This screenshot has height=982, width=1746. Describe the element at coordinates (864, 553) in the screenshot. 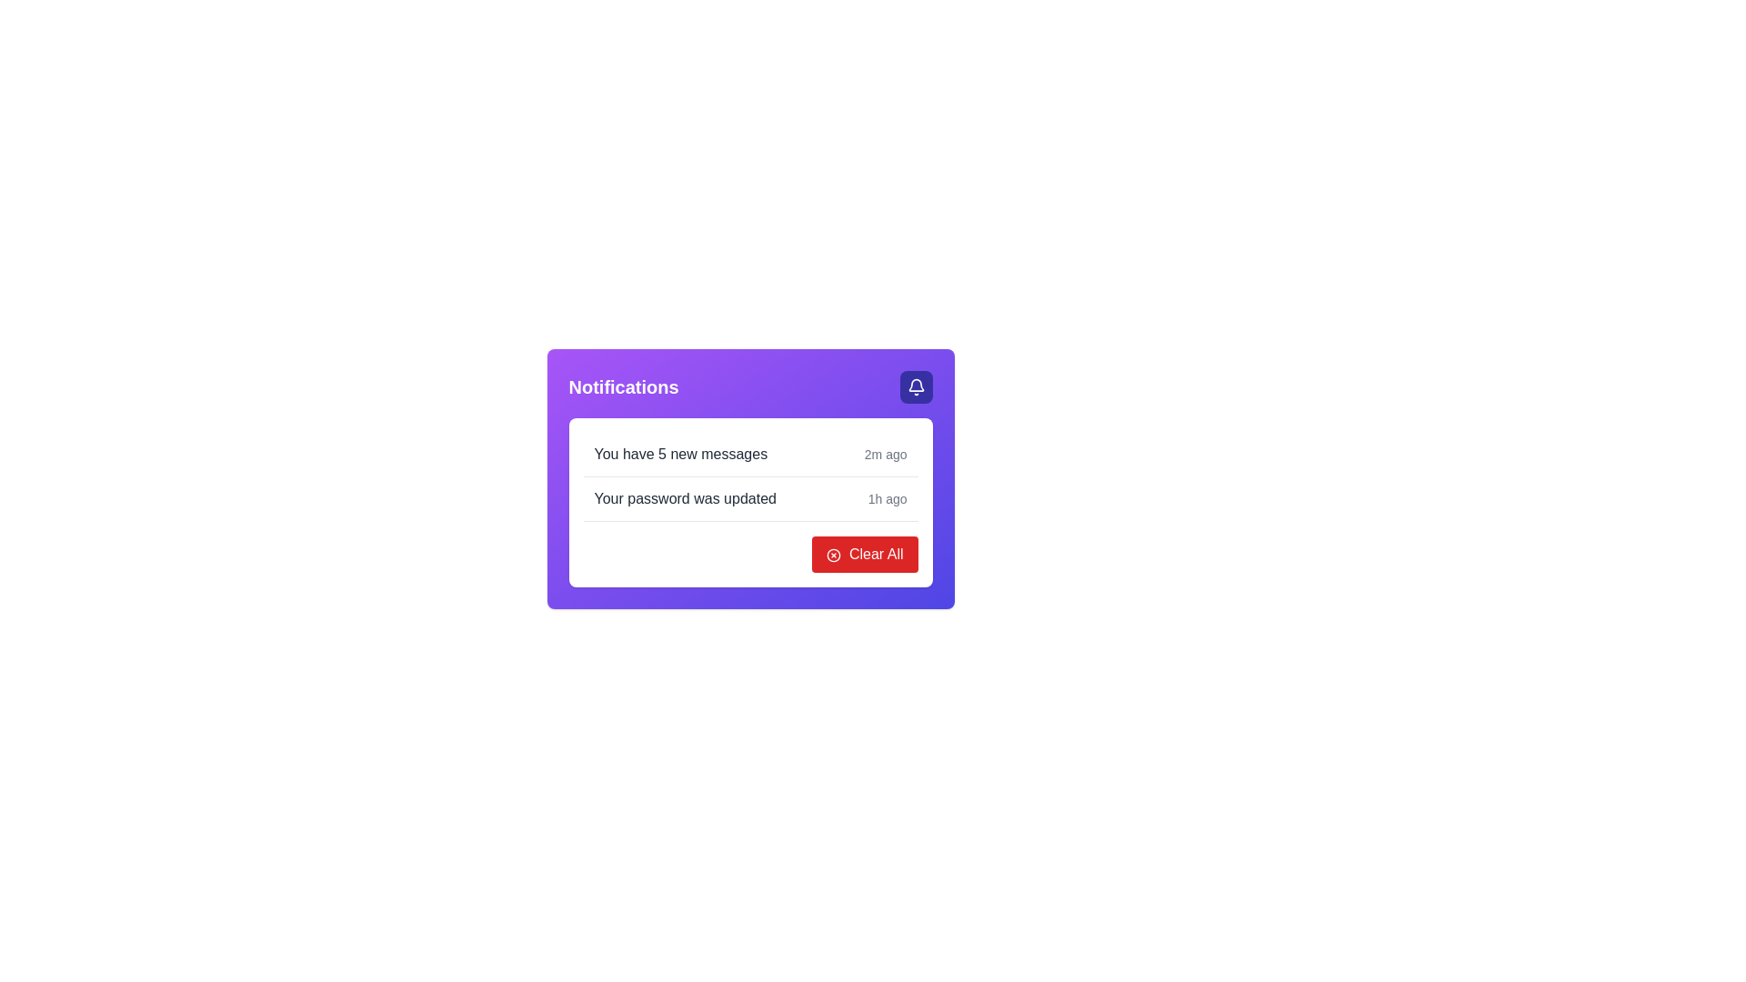

I see `the red 'Clear All' button with white text and an 'X' icon, located at the bottom-right corner of the purple notification panel for tooltip or visual feedback` at that location.